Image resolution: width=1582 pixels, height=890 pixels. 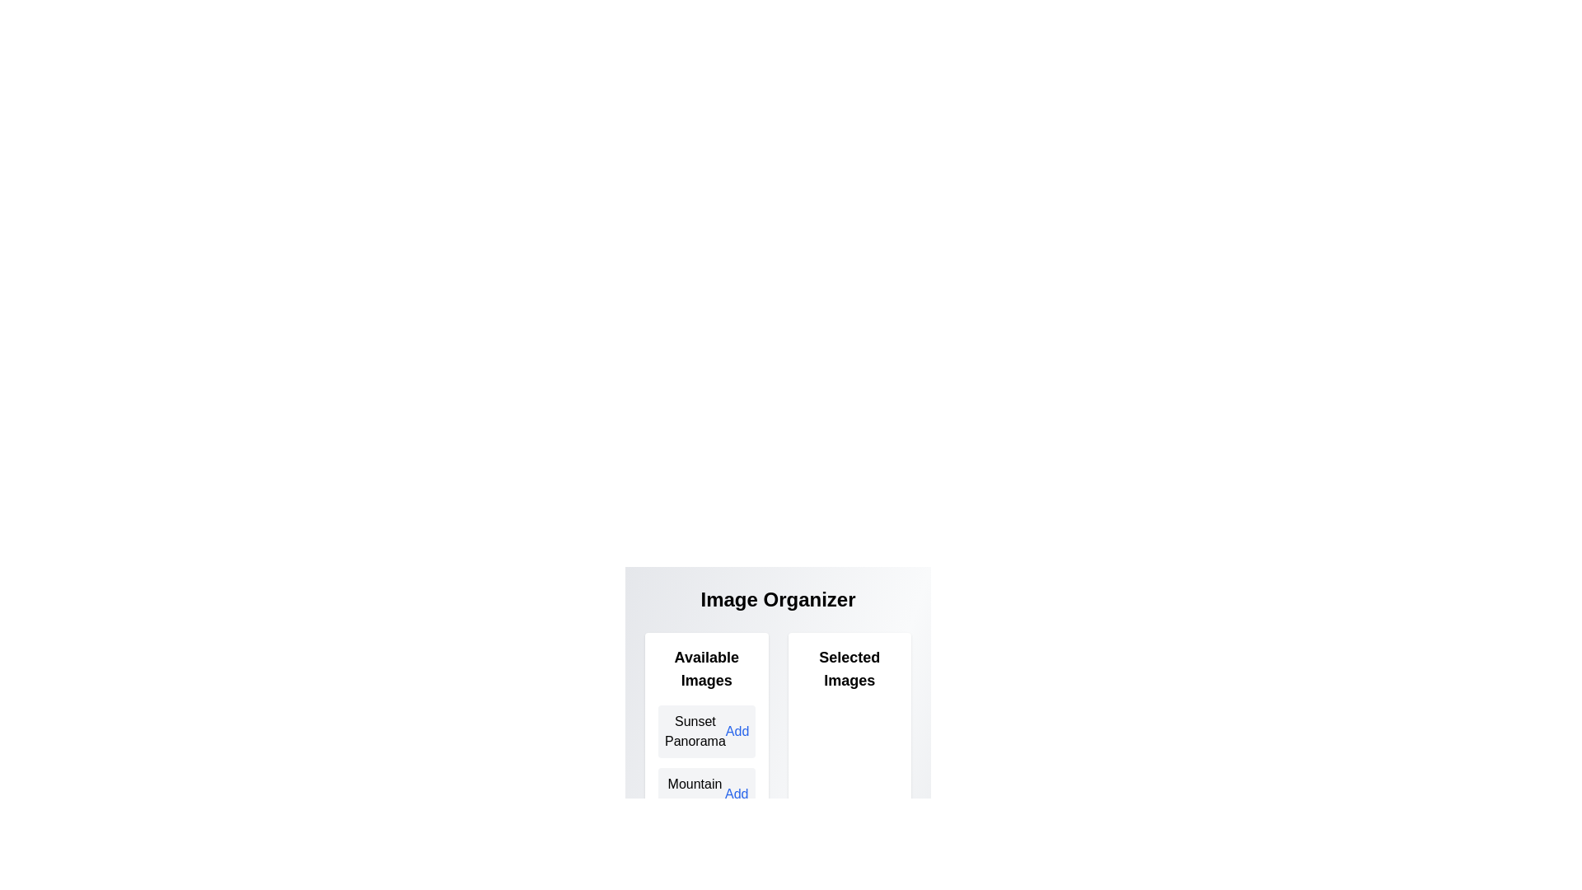 I want to click on 'Add' button for the image labeled Sunset Panorama to move it to the selected list, so click(x=736, y=730).